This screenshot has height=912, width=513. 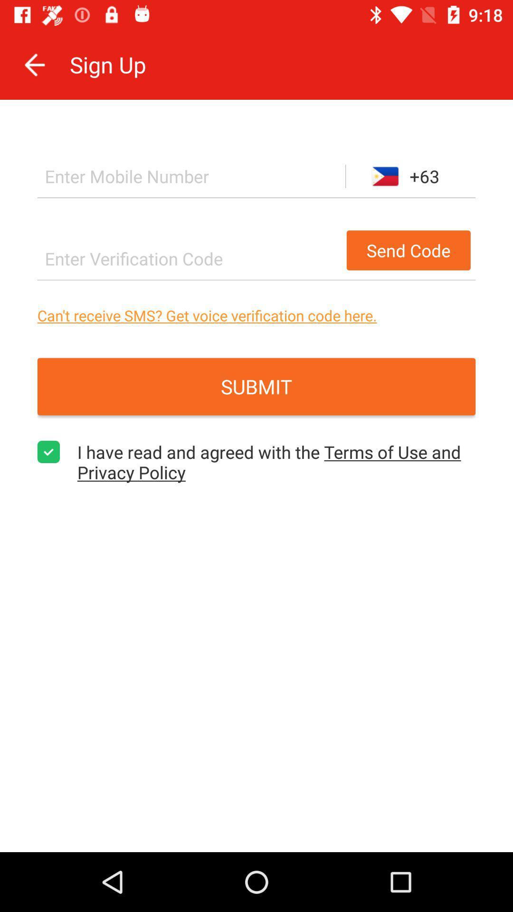 What do you see at coordinates (189, 258) in the screenshot?
I see `verification code` at bounding box center [189, 258].